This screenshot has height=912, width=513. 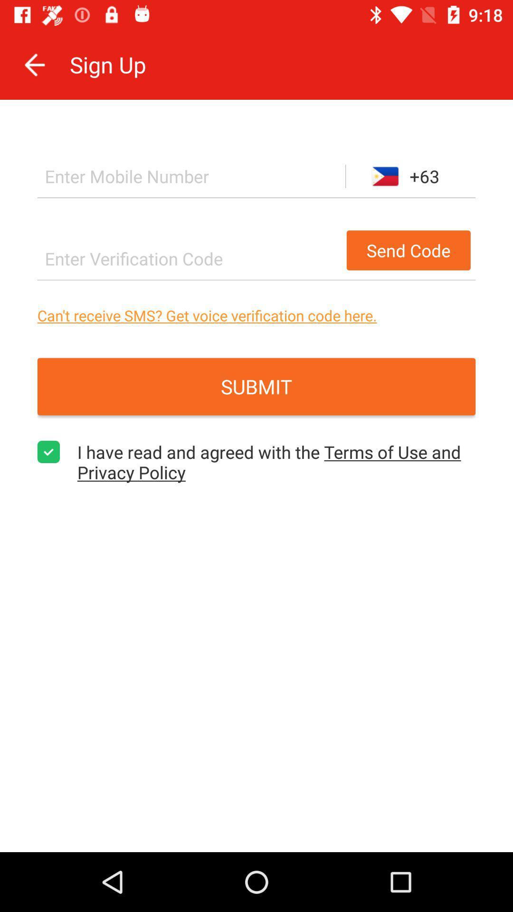 What do you see at coordinates (189, 258) in the screenshot?
I see `verification code` at bounding box center [189, 258].